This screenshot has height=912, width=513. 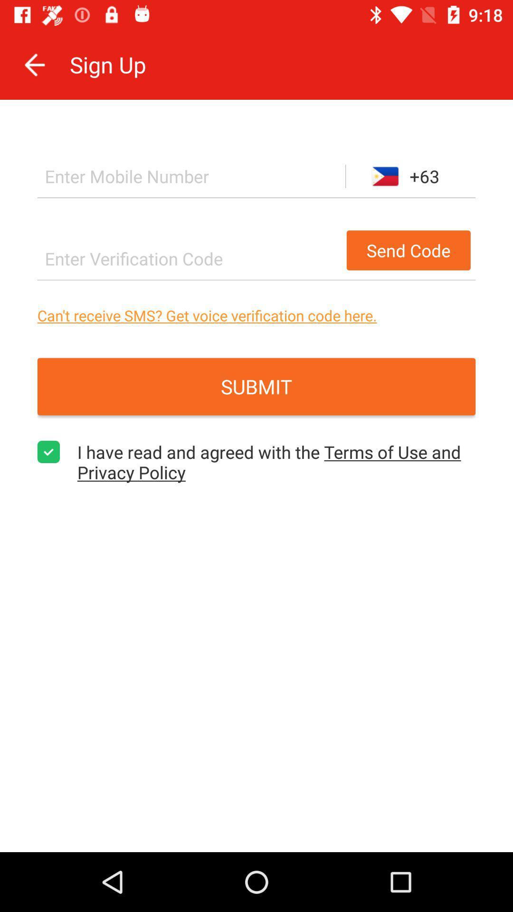 What do you see at coordinates (189, 258) in the screenshot?
I see `verification code` at bounding box center [189, 258].